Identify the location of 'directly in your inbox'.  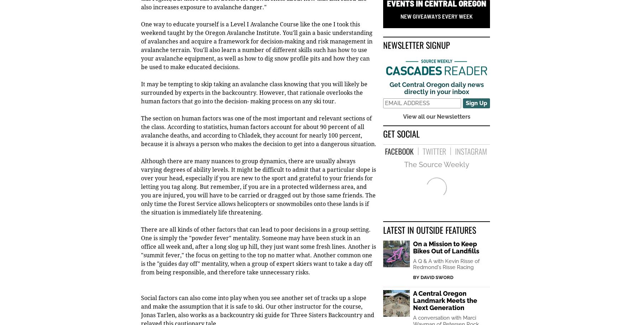
(403, 92).